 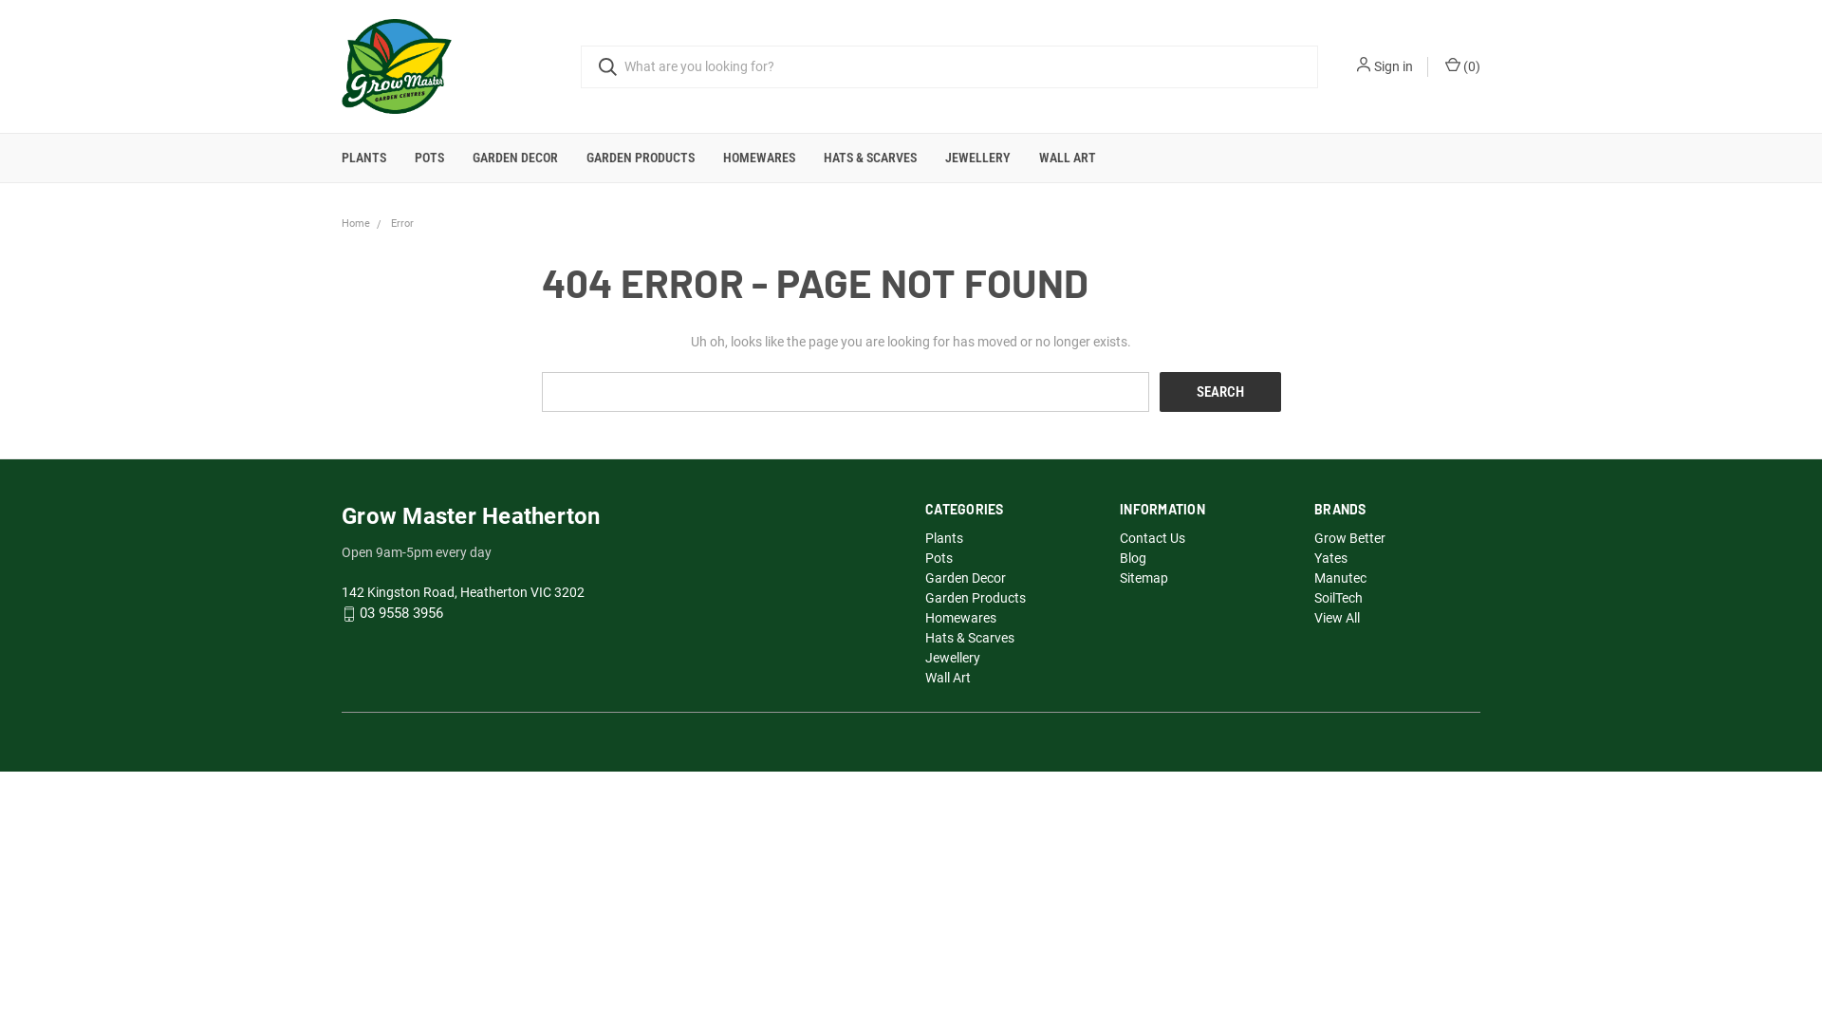 I want to click on 'Wall Art', so click(x=947, y=676).